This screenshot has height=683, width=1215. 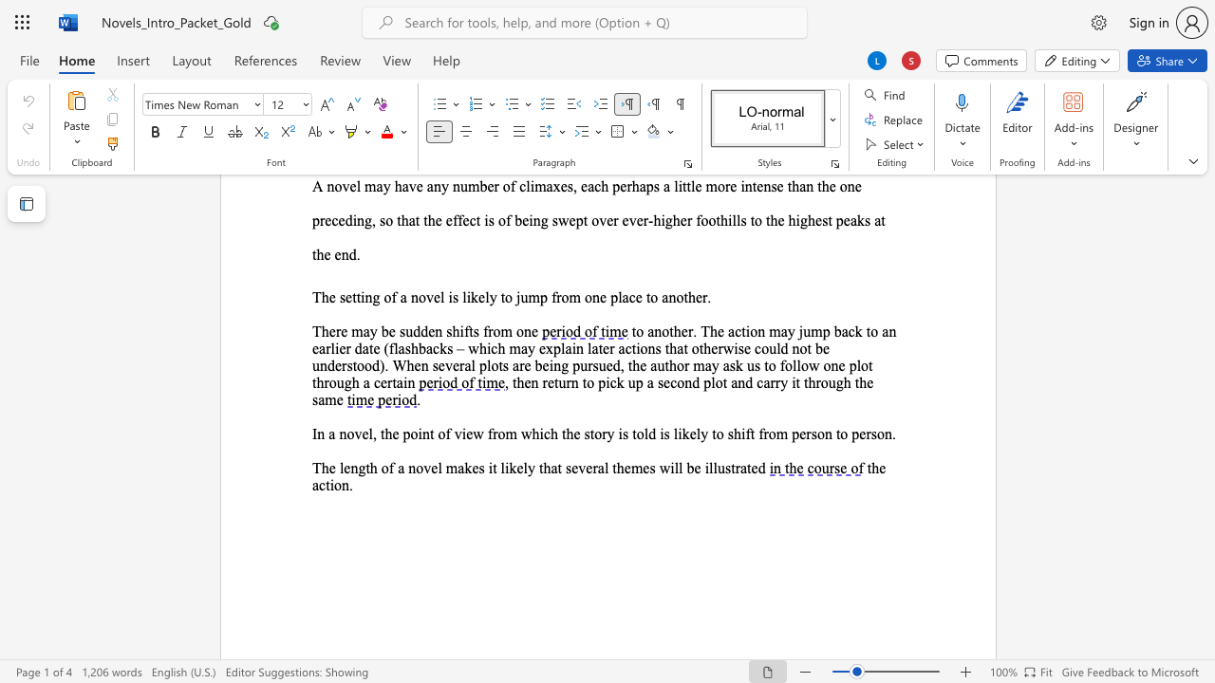 I want to click on the 1th character "f" in the text, so click(x=447, y=434).